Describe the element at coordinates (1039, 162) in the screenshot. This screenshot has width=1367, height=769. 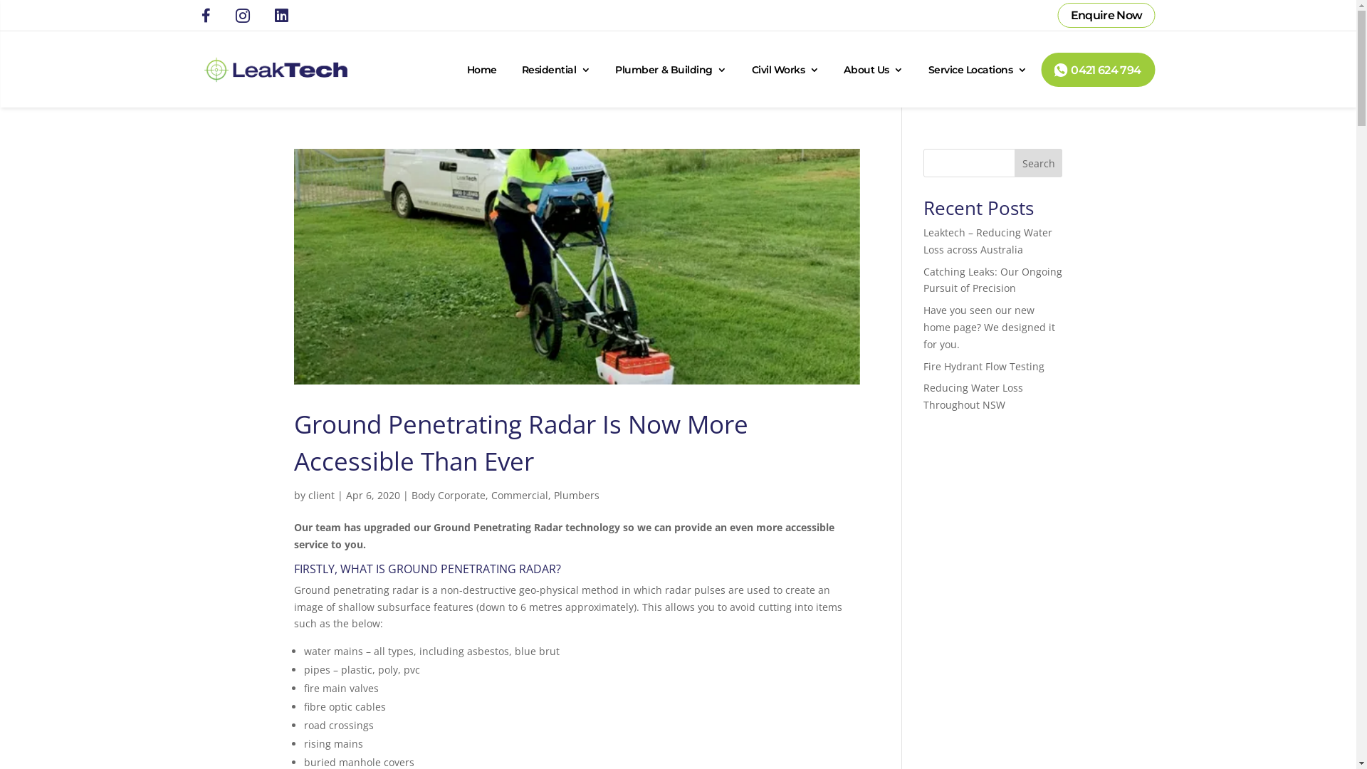
I see `'Search'` at that location.